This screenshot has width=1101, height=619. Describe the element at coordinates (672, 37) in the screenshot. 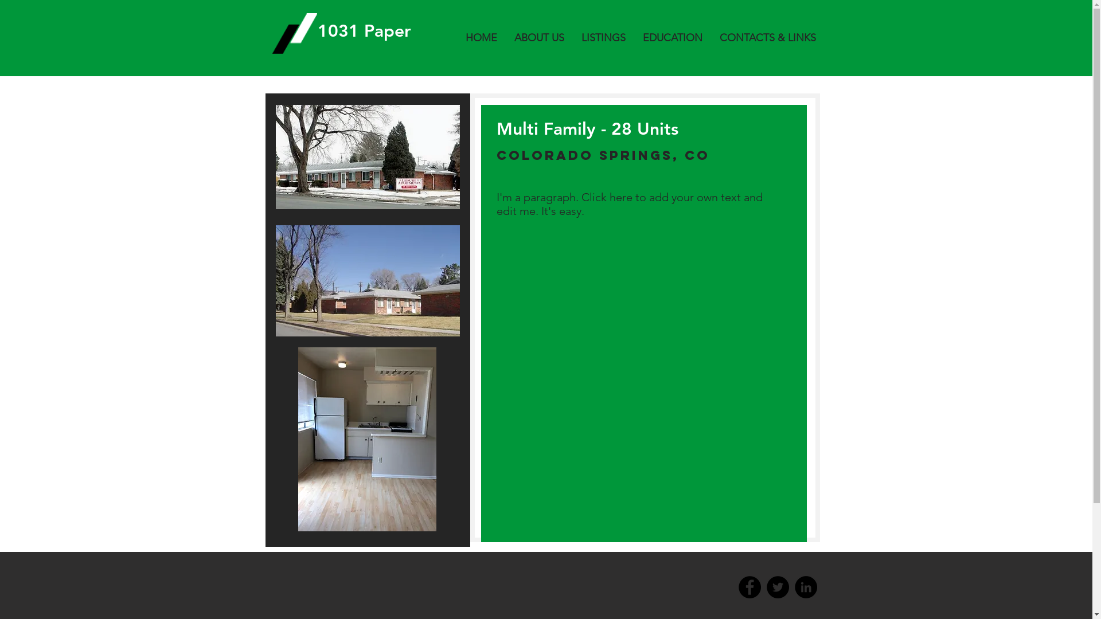

I see `'EDUCATION'` at that location.